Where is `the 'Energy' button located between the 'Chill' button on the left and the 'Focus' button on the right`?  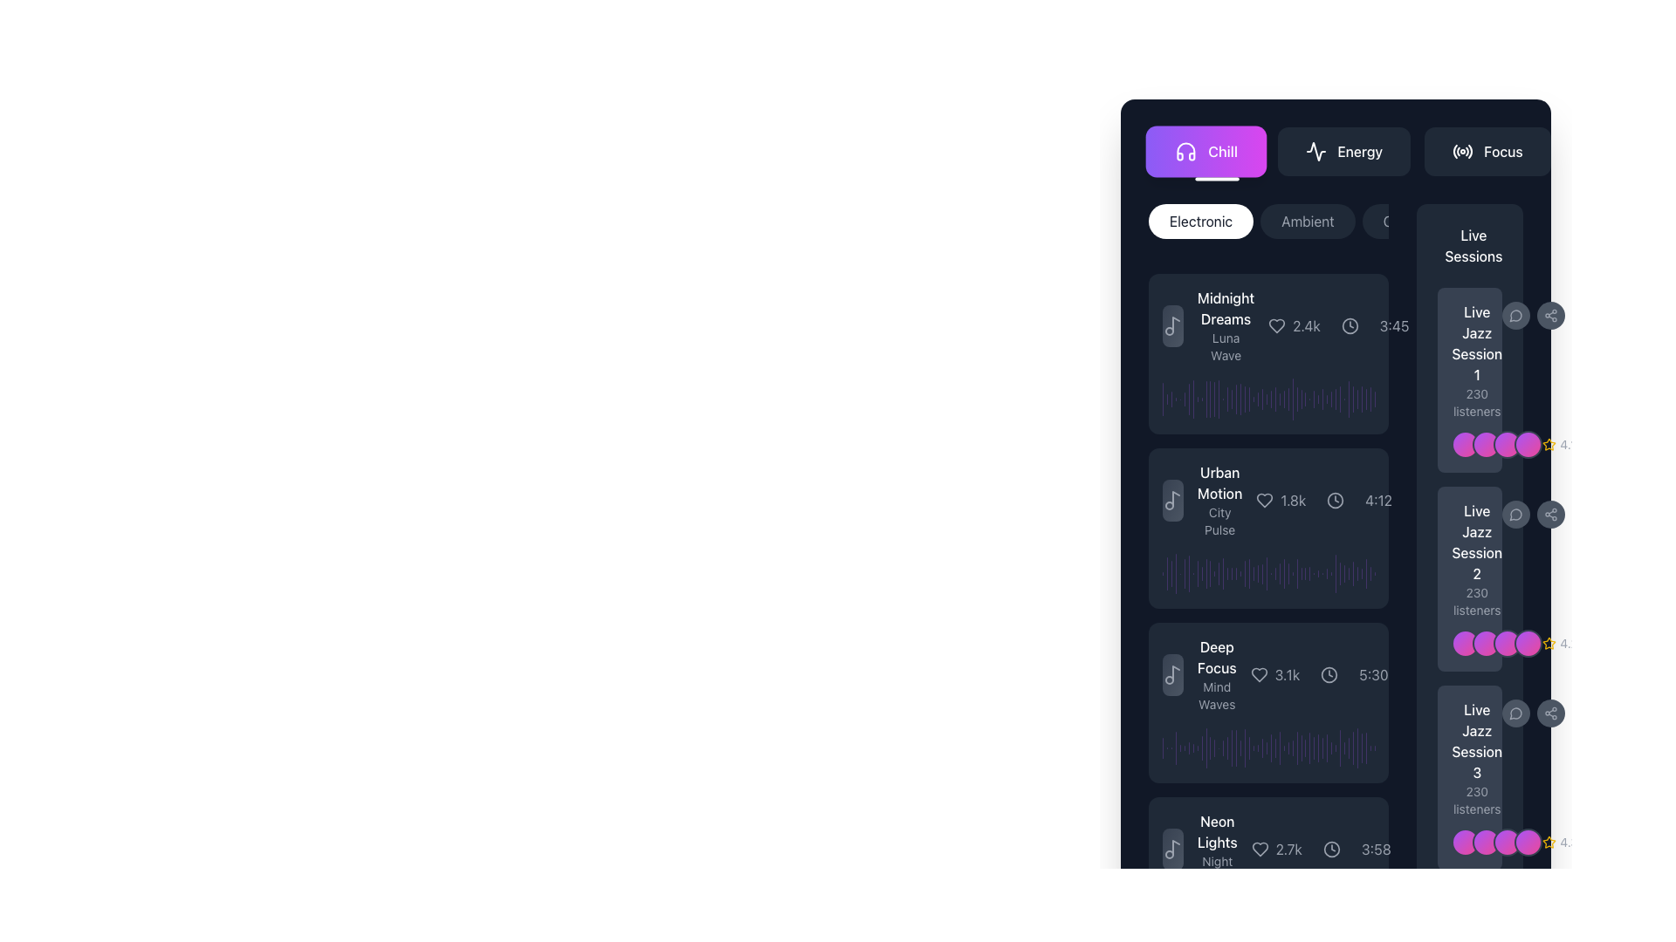 the 'Energy' button located between the 'Chill' button on the left and the 'Focus' button on the right is located at coordinates (1335, 150).